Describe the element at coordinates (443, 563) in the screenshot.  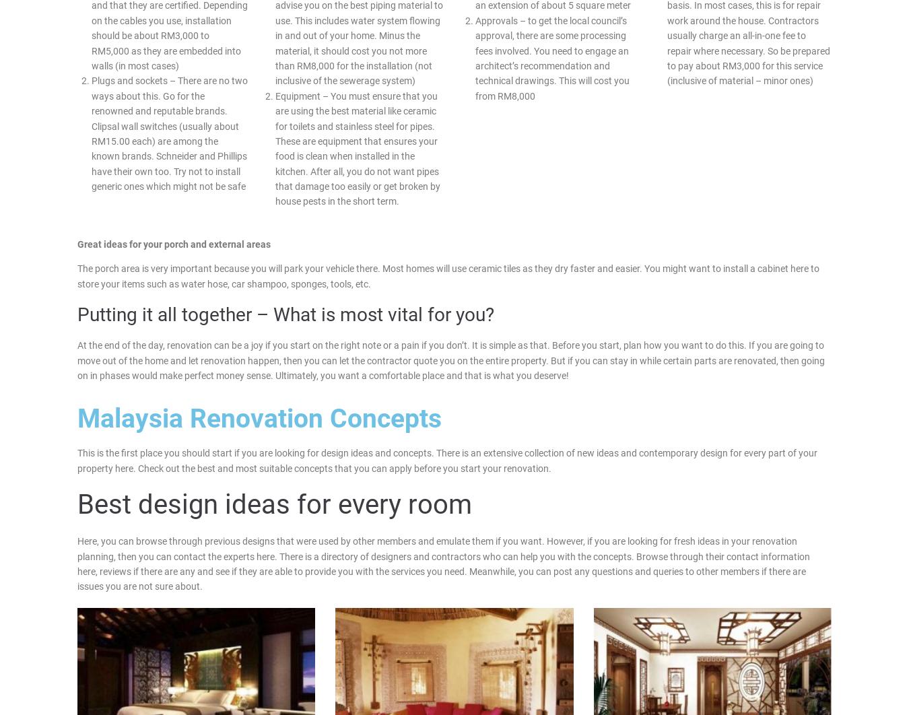
I see `'Here, you can browse through previous designs that were used by other members and emulate them if you want. However, if you are looking for fresh ideas in your renovation planning, then you can contact the experts here. 

There is a directory of designers and contractors who can help you with the concepts. Browse through their contact information here, reviews if there are any and see if they are able to provide you with the services you need. Meanwhile, you can post any questions and queries to other members if there are issues you are not sure about.'` at that location.